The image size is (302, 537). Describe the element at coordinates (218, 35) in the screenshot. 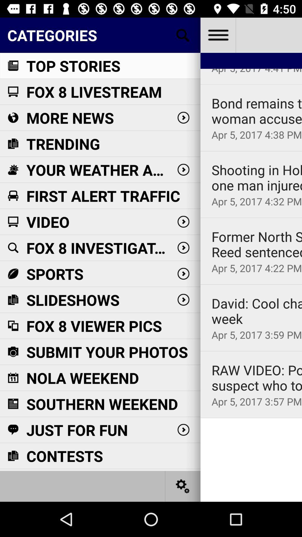

I see `open menu` at that location.